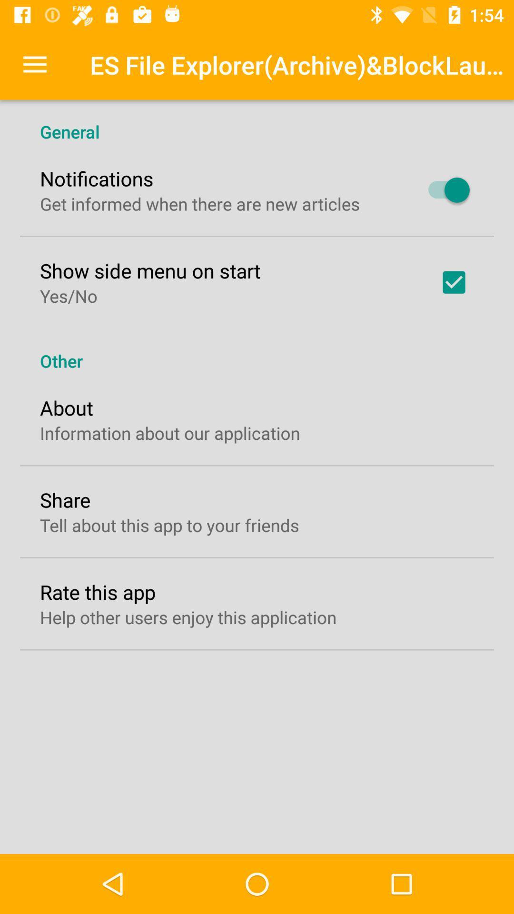  What do you see at coordinates (257, 121) in the screenshot?
I see `general` at bounding box center [257, 121].